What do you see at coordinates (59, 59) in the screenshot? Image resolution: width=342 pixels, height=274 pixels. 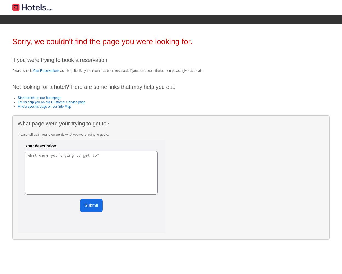 I see `'If you were trying to book a reservation'` at bounding box center [59, 59].